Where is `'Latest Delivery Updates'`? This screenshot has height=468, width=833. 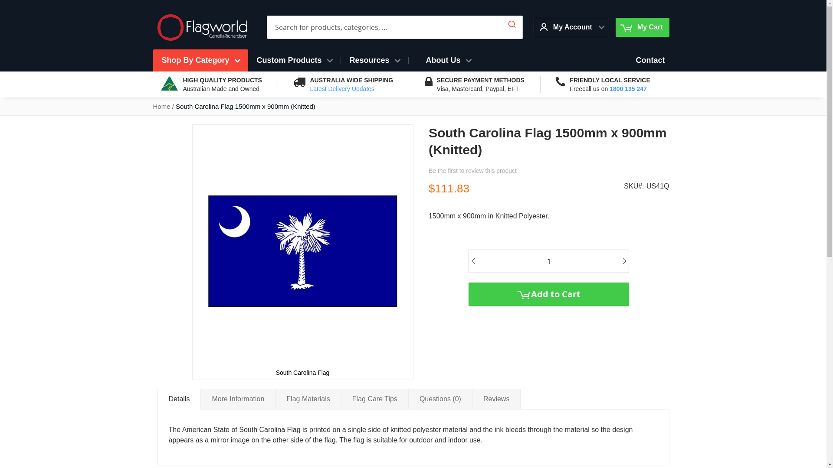
'Latest Delivery Updates' is located at coordinates (341, 88).